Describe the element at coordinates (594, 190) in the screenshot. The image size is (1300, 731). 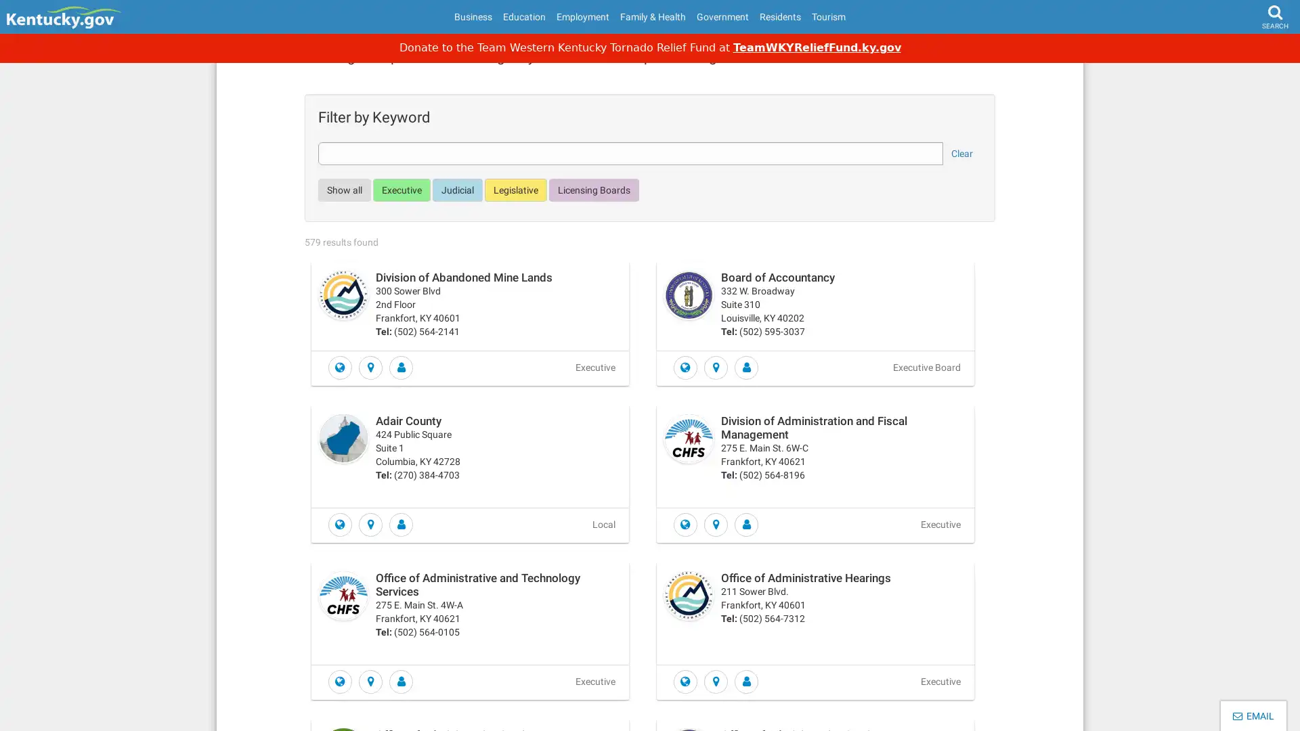
I see `Licensing Boards` at that location.